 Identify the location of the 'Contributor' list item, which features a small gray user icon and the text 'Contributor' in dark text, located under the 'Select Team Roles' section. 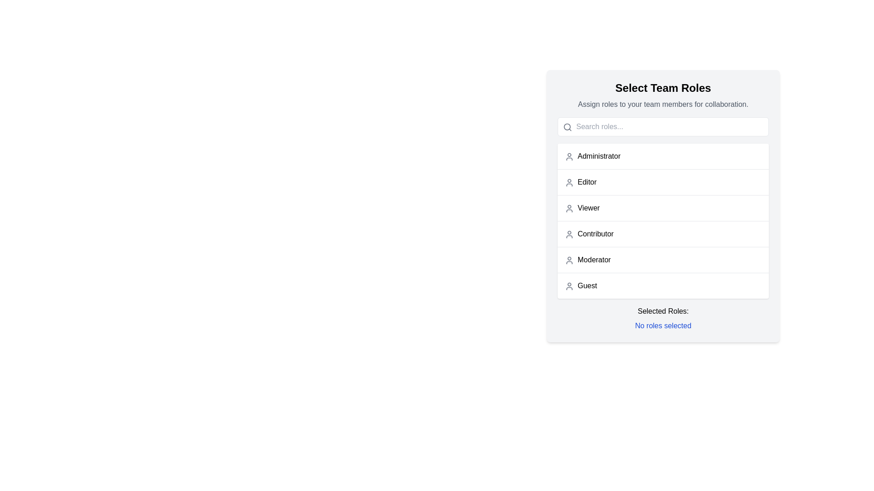
(589, 234).